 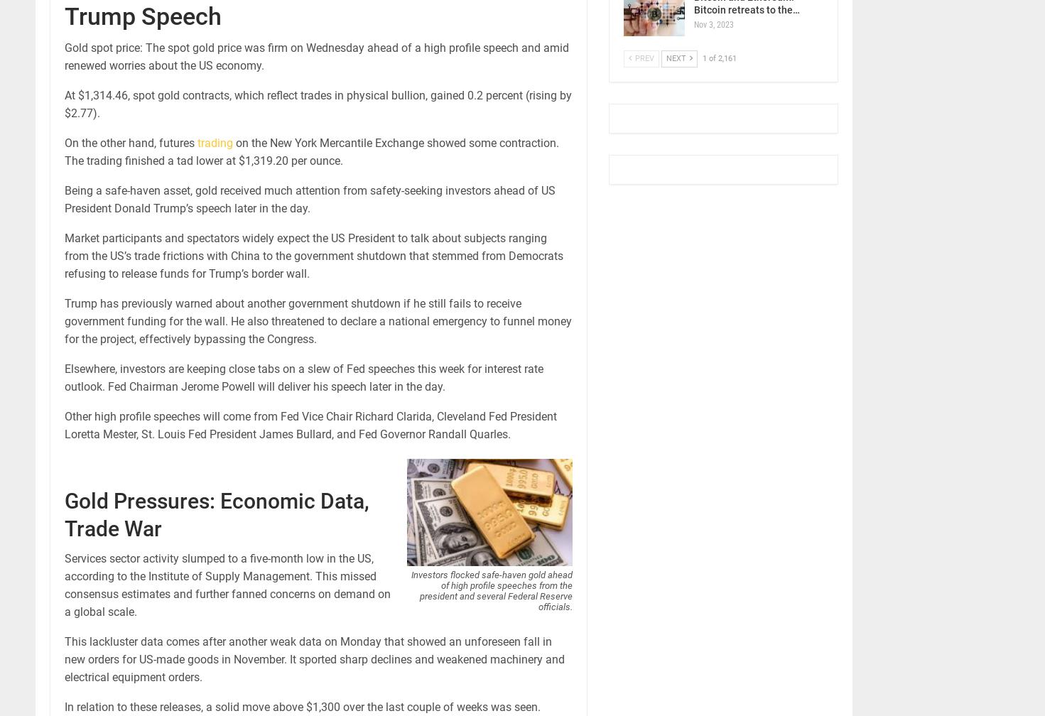 I want to click on 'On the other hand, futures', so click(x=130, y=143).